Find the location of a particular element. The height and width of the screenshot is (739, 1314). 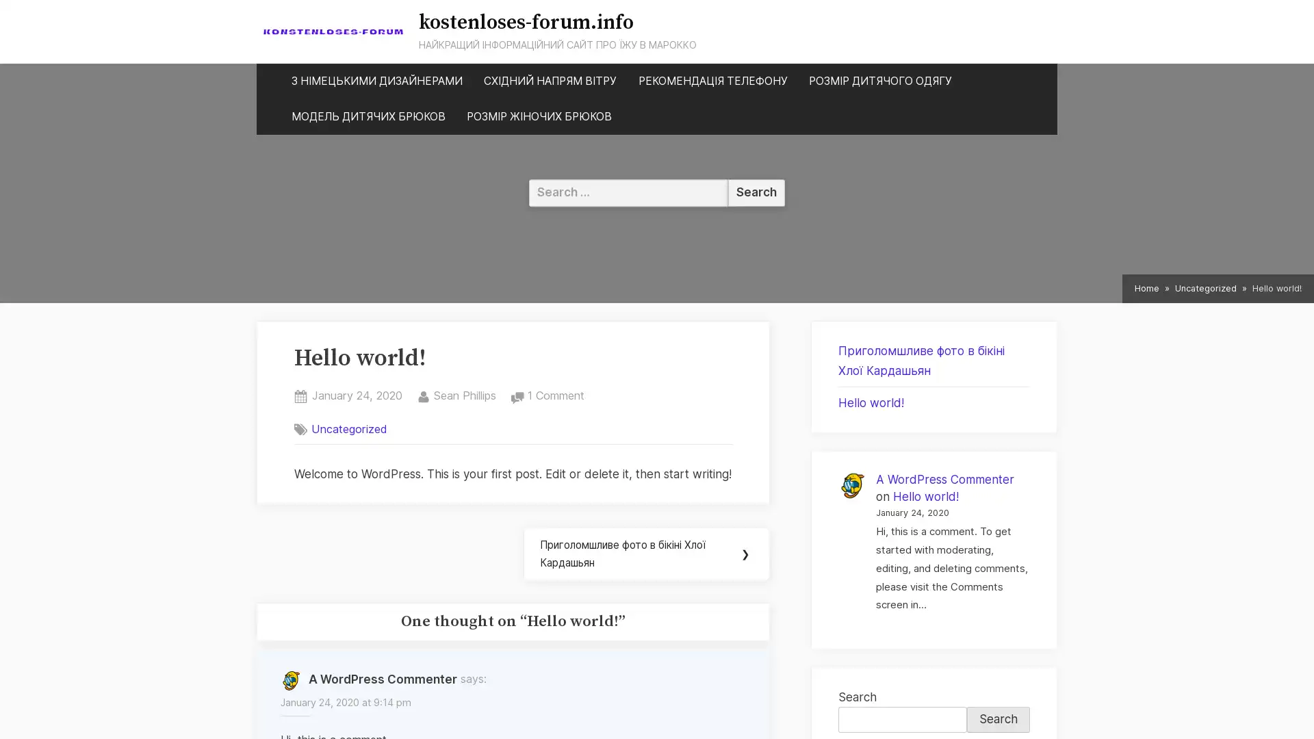

Search is located at coordinates (756, 192).